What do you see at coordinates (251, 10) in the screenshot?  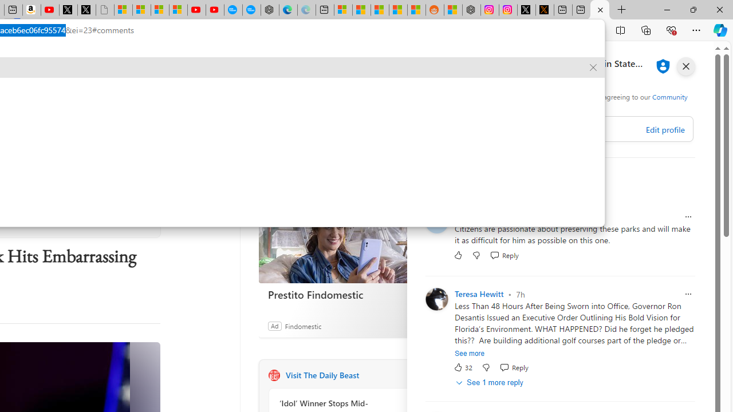 I see `'The most popular Google '` at bounding box center [251, 10].